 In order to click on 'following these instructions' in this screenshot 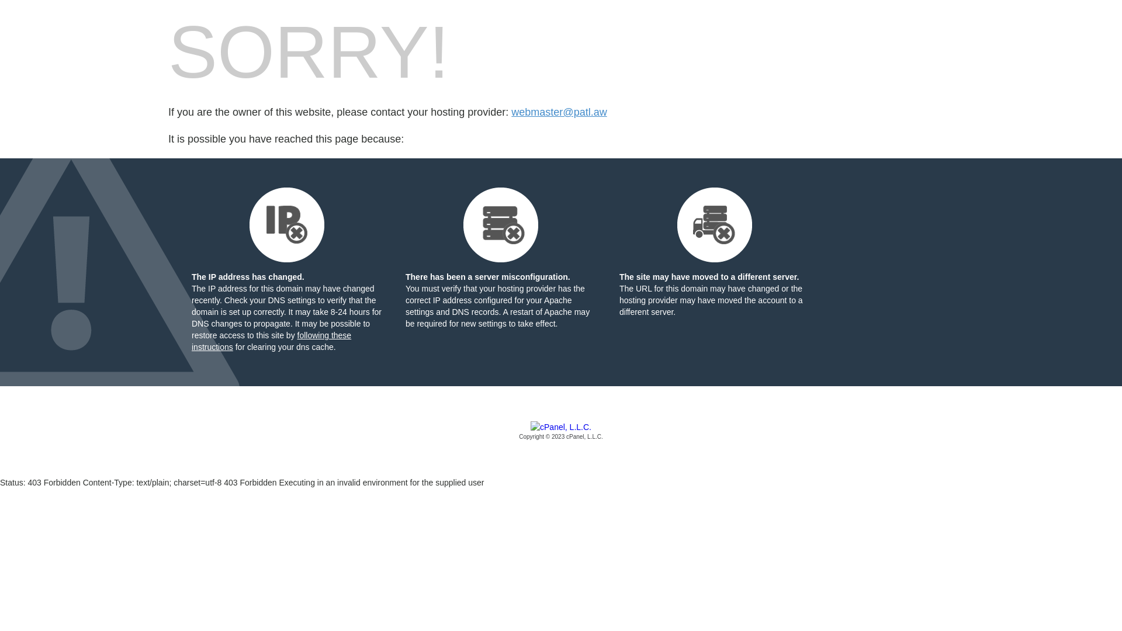, I will do `click(271, 341)`.